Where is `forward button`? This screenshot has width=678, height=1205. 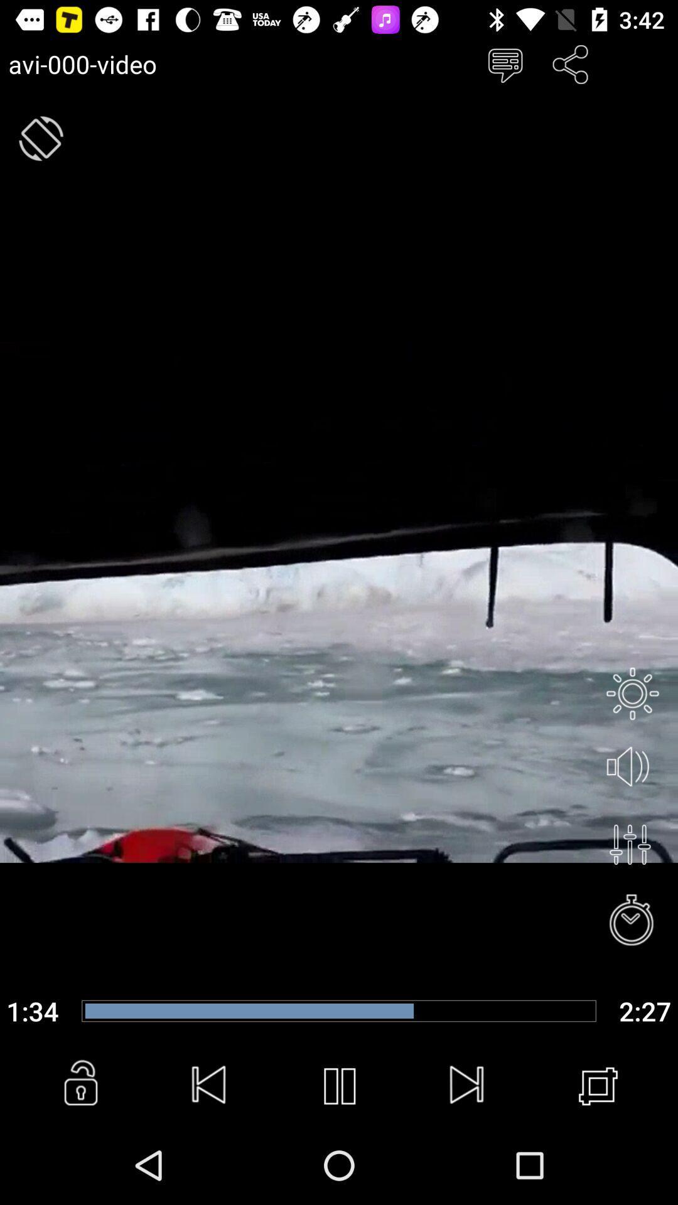 forward button is located at coordinates (468, 1086).